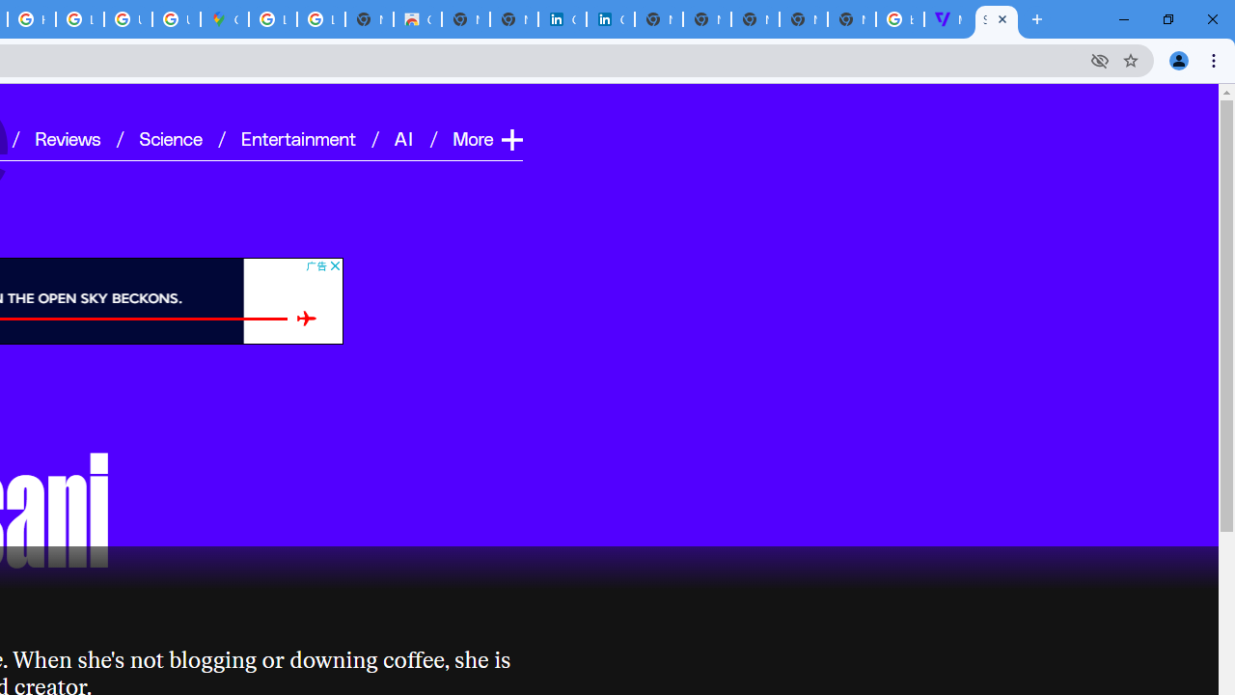 Image resolution: width=1235 pixels, height=695 pixels. What do you see at coordinates (334, 265) in the screenshot?
I see `'AutomationID: cbb'` at bounding box center [334, 265].